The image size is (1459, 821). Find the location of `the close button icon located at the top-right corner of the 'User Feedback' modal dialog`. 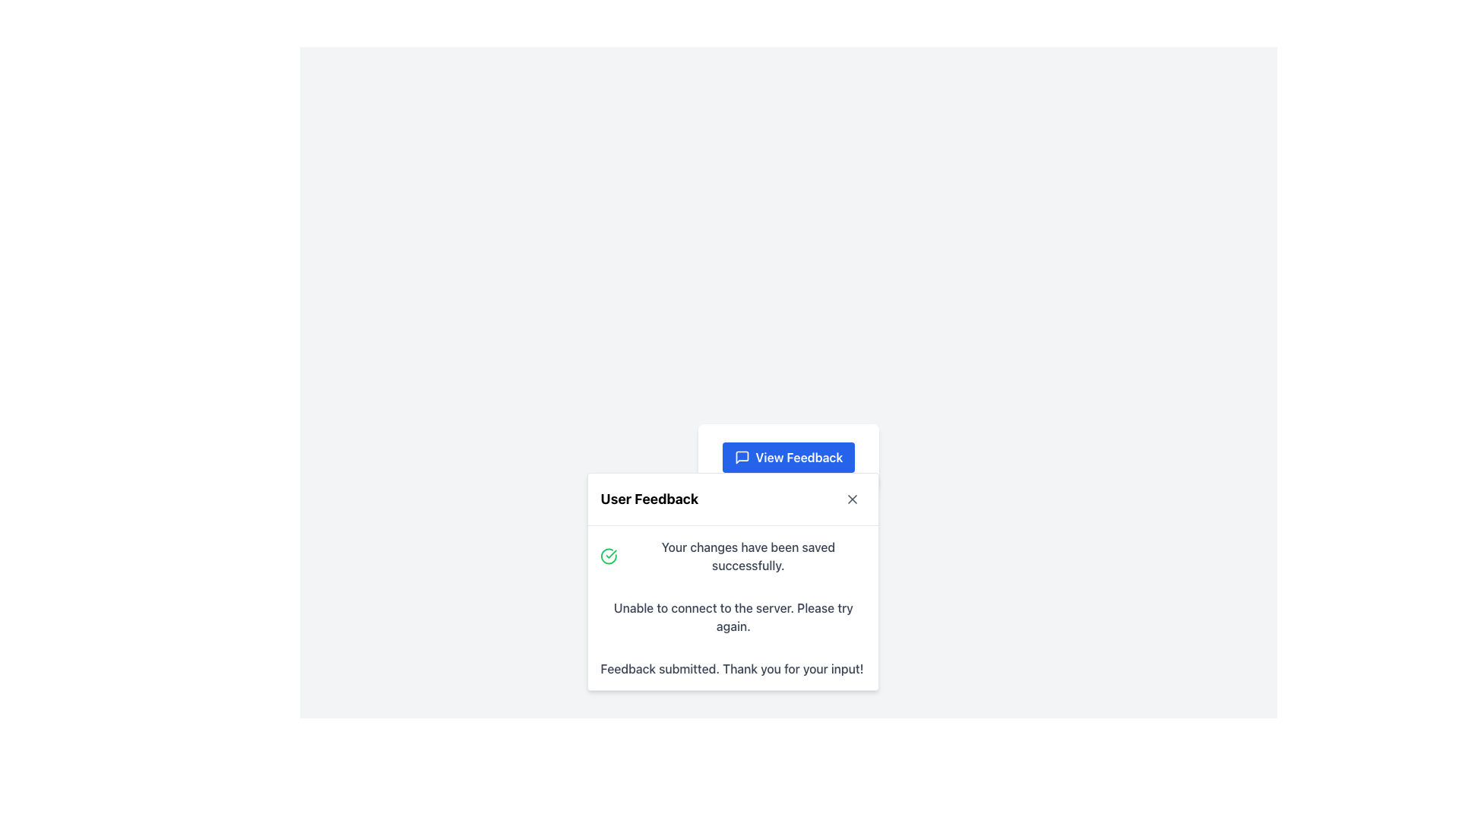

the close button icon located at the top-right corner of the 'User Feedback' modal dialog is located at coordinates (853, 499).